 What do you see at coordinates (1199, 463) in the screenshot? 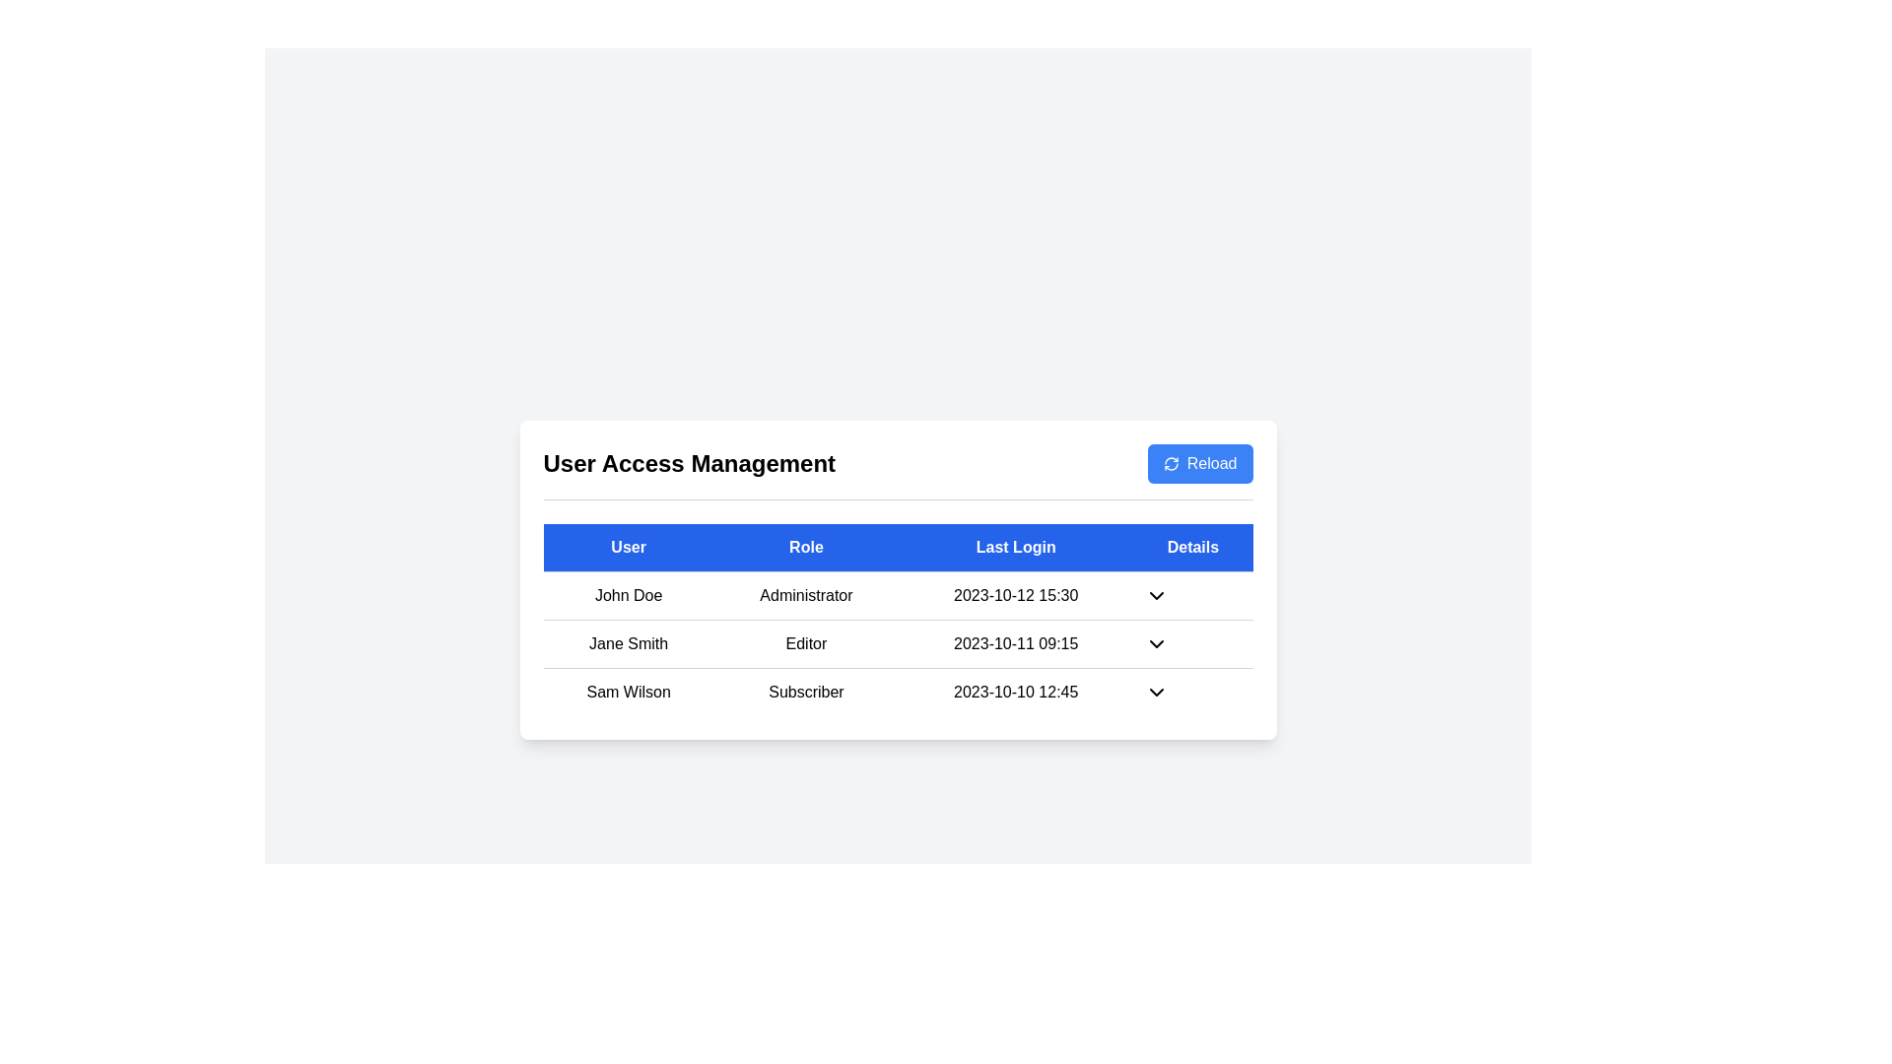
I see `the 'Reload' button with a blue background and circular arrow icon` at bounding box center [1199, 463].